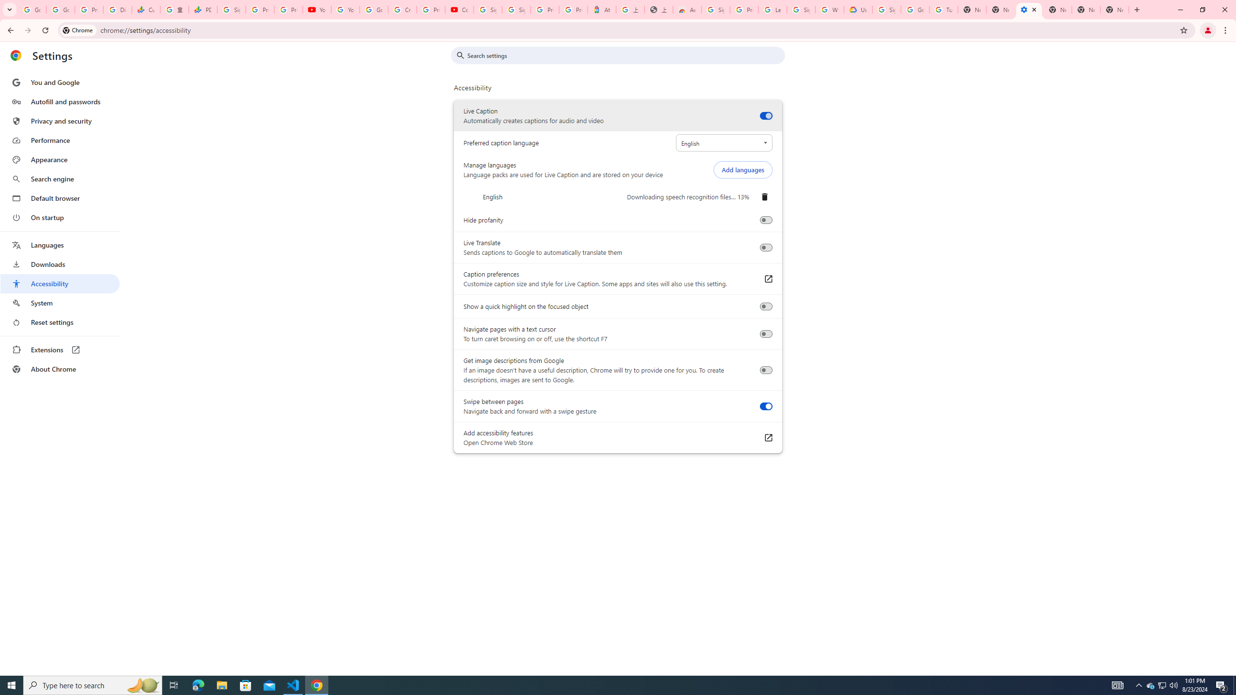 Image resolution: width=1236 pixels, height=695 pixels. Describe the element at coordinates (742, 170) in the screenshot. I see `'Add languages'` at that location.